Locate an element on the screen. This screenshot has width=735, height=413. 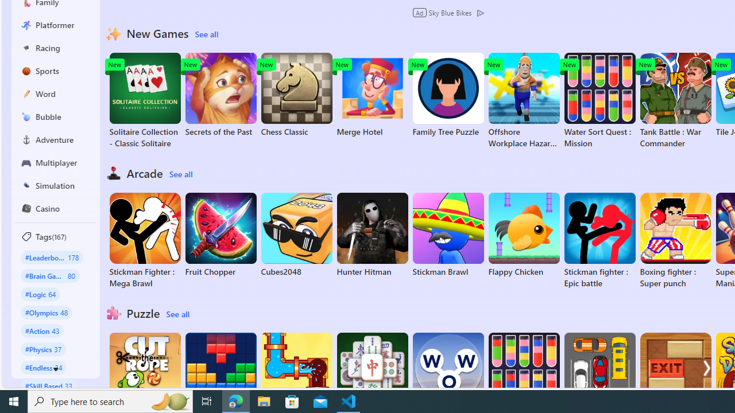
'Stickman Brawl' is located at coordinates (447, 235).